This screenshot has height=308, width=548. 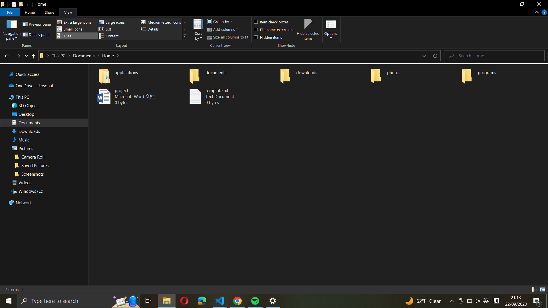 What do you see at coordinates (414, 74) in the screenshot?
I see `Go to the "photos" folder and select the first 5 image files` at bounding box center [414, 74].